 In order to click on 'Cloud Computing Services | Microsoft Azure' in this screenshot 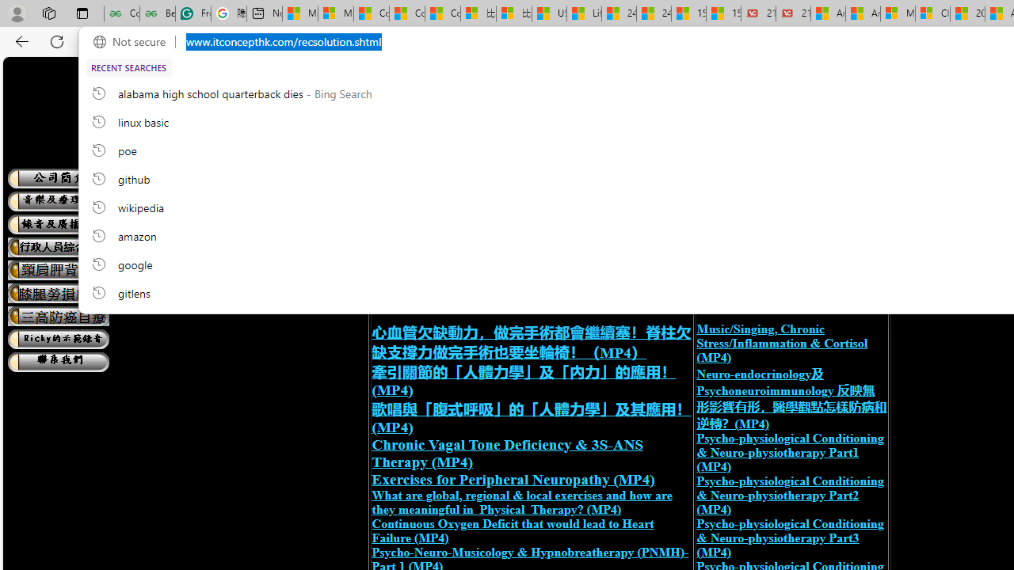, I will do `click(932, 13)`.